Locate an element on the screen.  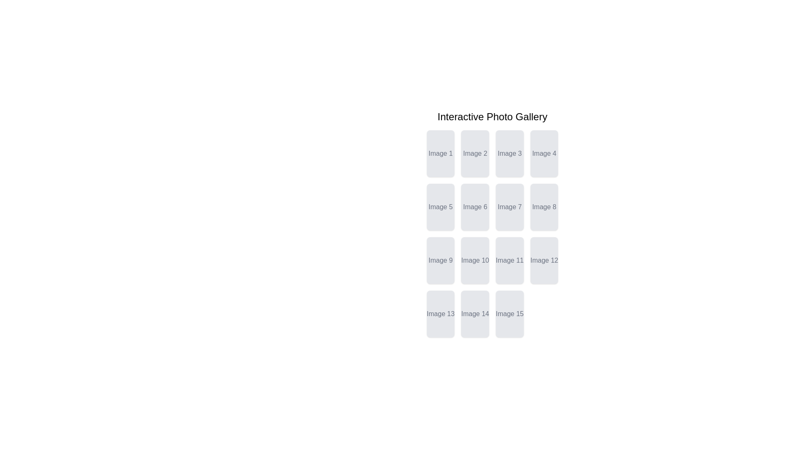
the static content block labeled 'Image 15', which is a rectangle with a light gray background and rounded corners, located in the last position of a 4x4 grid layout is located at coordinates (509, 314).